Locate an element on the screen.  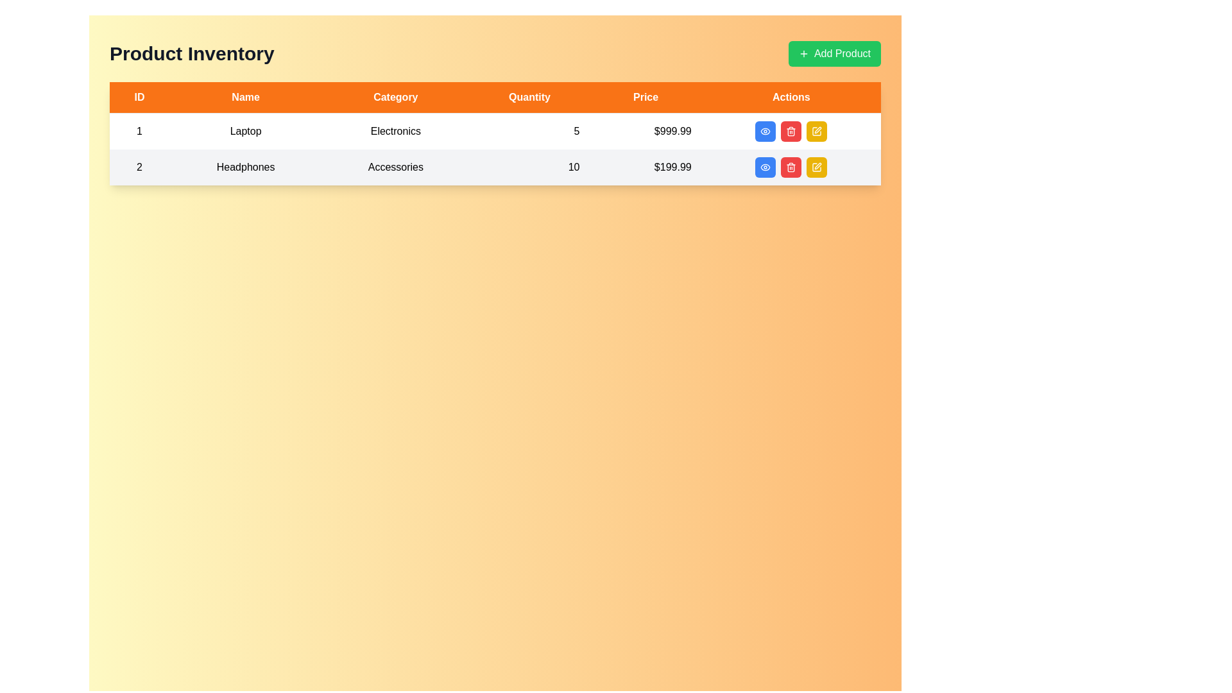
the red trash can icon button located in the Actions column of the second row of the data table is located at coordinates (791, 131).